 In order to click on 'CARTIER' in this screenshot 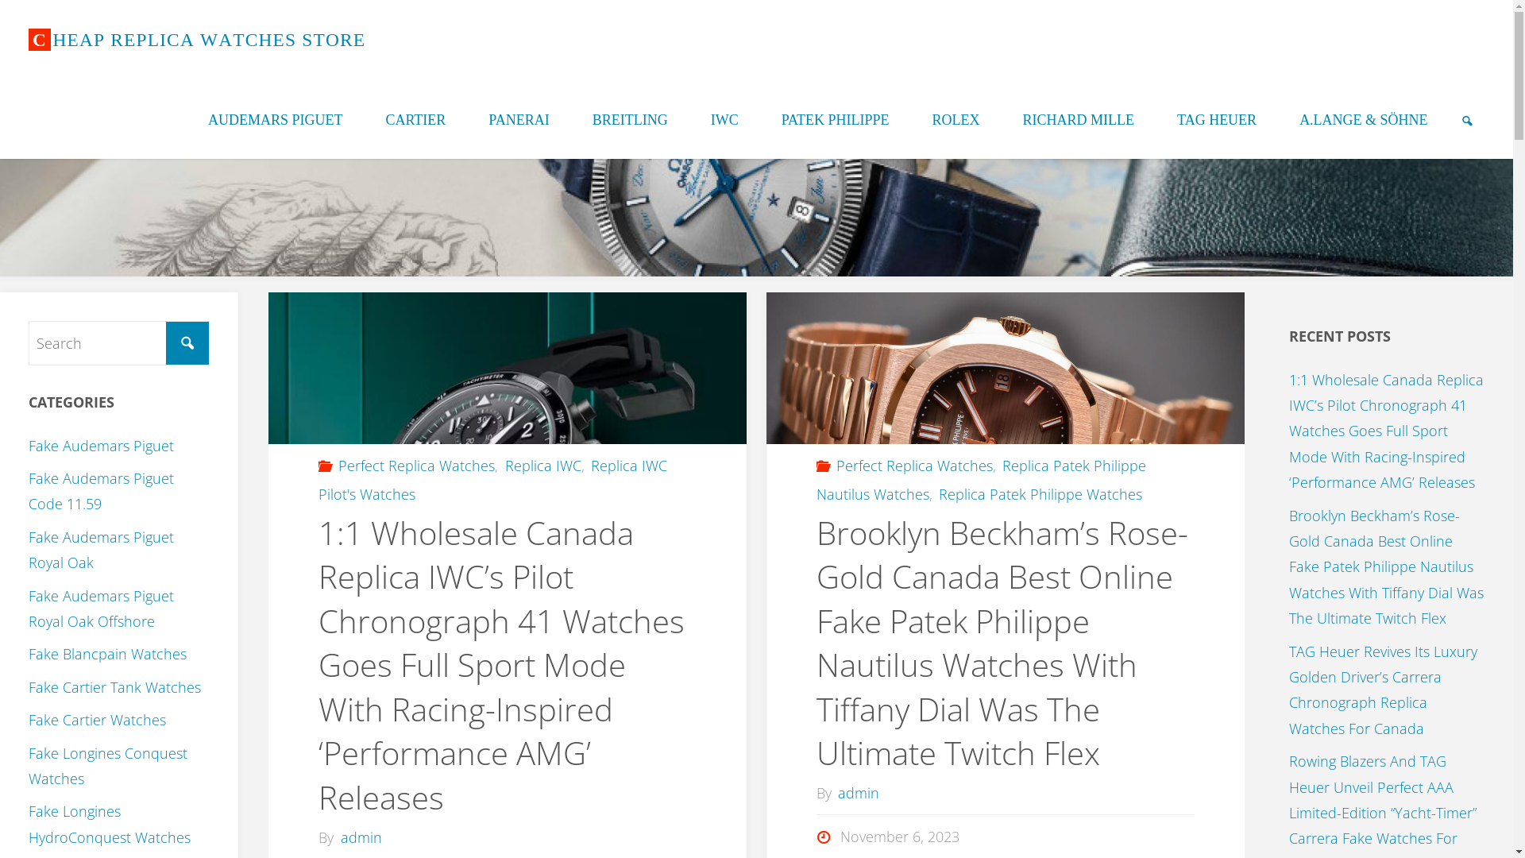, I will do `click(415, 118)`.